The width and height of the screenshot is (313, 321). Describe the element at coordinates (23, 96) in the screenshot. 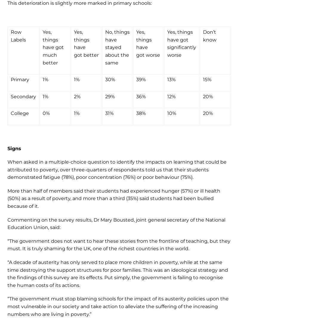

I see `'Secondary'` at that location.